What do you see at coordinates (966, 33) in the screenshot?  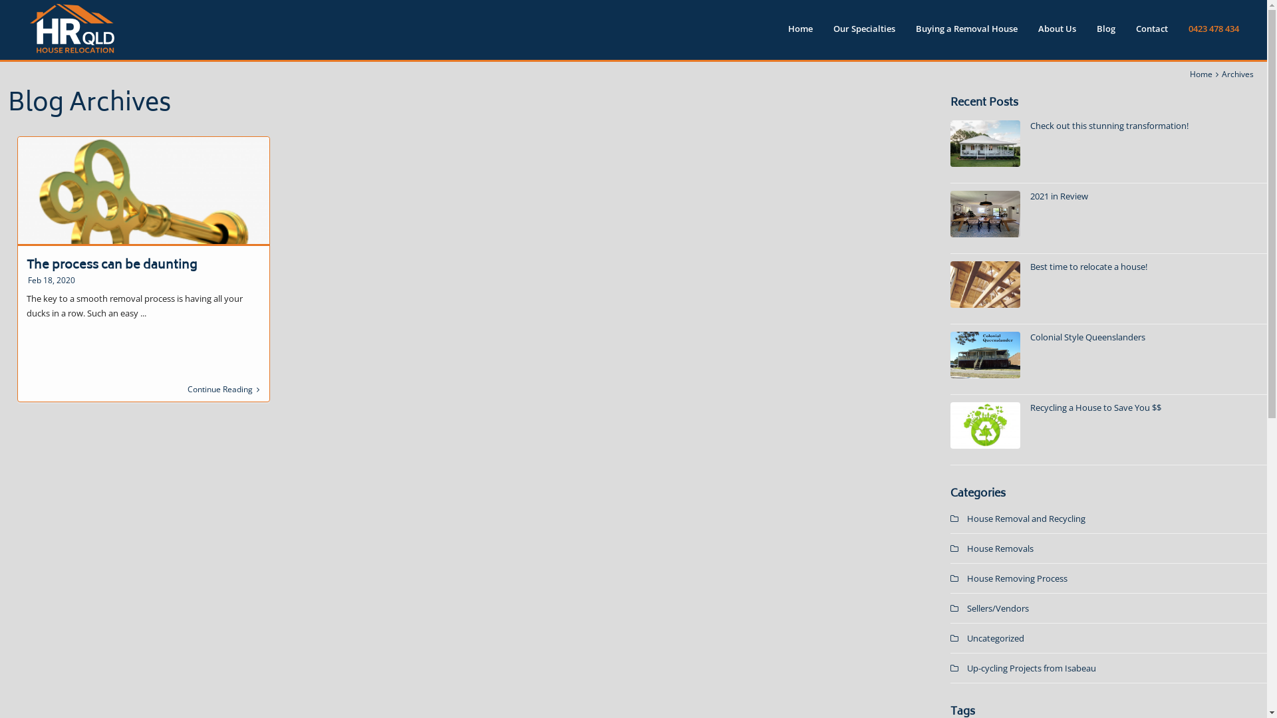 I see `'Buying a Removal House'` at bounding box center [966, 33].